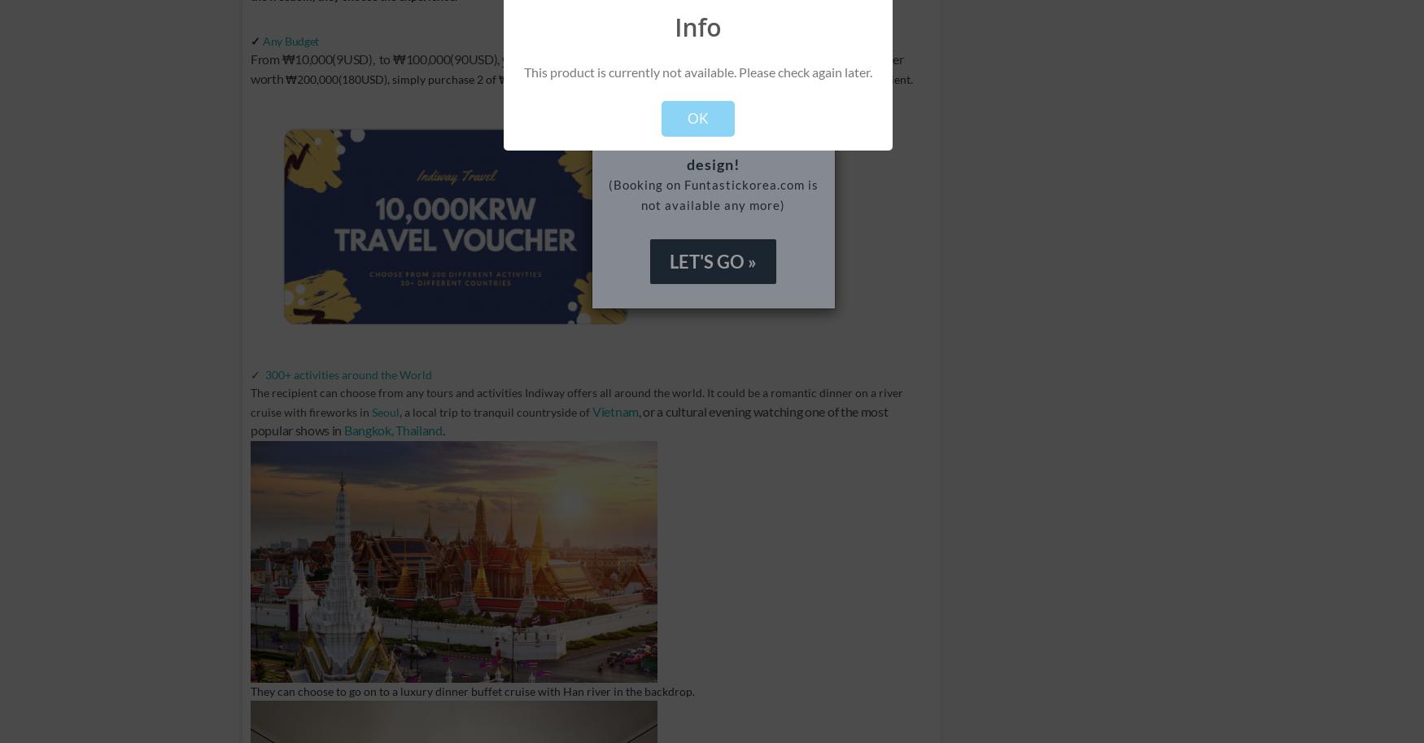 This screenshot has width=1424, height=743. What do you see at coordinates (747, 410) in the screenshot?
I see `', or a cultural evening watching one of the'` at bounding box center [747, 410].